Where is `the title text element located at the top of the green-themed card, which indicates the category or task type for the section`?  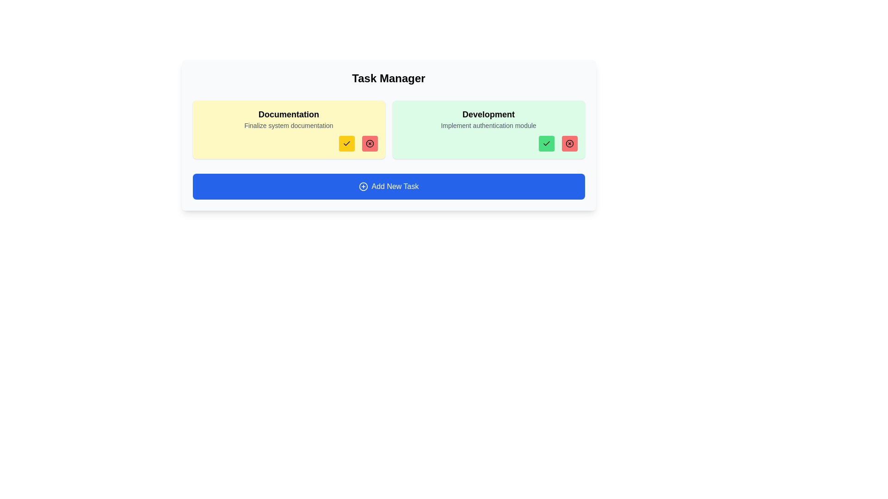 the title text element located at the top of the green-themed card, which indicates the category or task type for the section is located at coordinates (488, 114).